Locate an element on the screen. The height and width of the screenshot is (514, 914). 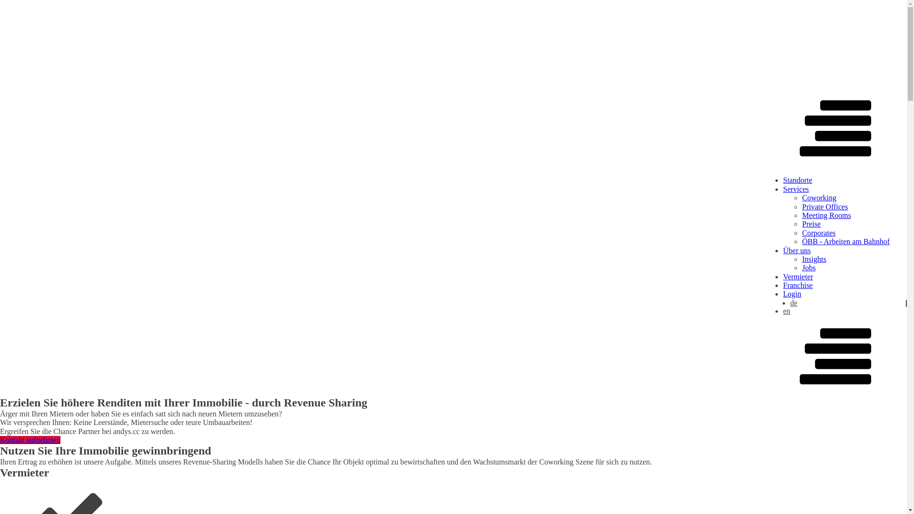
'Kontakt aufnehmen' is located at coordinates (30, 440).